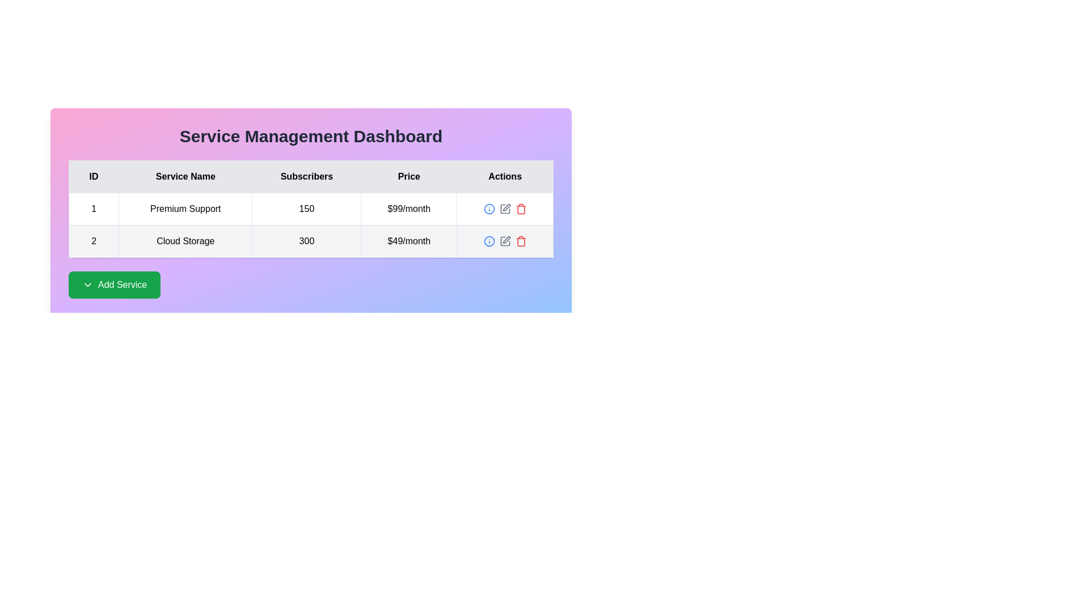 The height and width of the screenshot is (612, 1089). Describe the element at coordinates (504, 240) in the screenshot. I see `the Icon button in the second row of the table under the 'Actions' column to change its style` at that location.